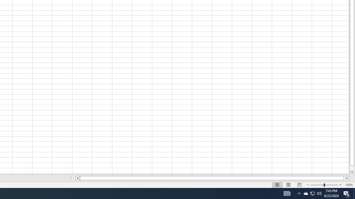  Describe the element at coordinates (212, 178) in the screenshot. I see `'Class: NetUIScrollBar'` at that location.